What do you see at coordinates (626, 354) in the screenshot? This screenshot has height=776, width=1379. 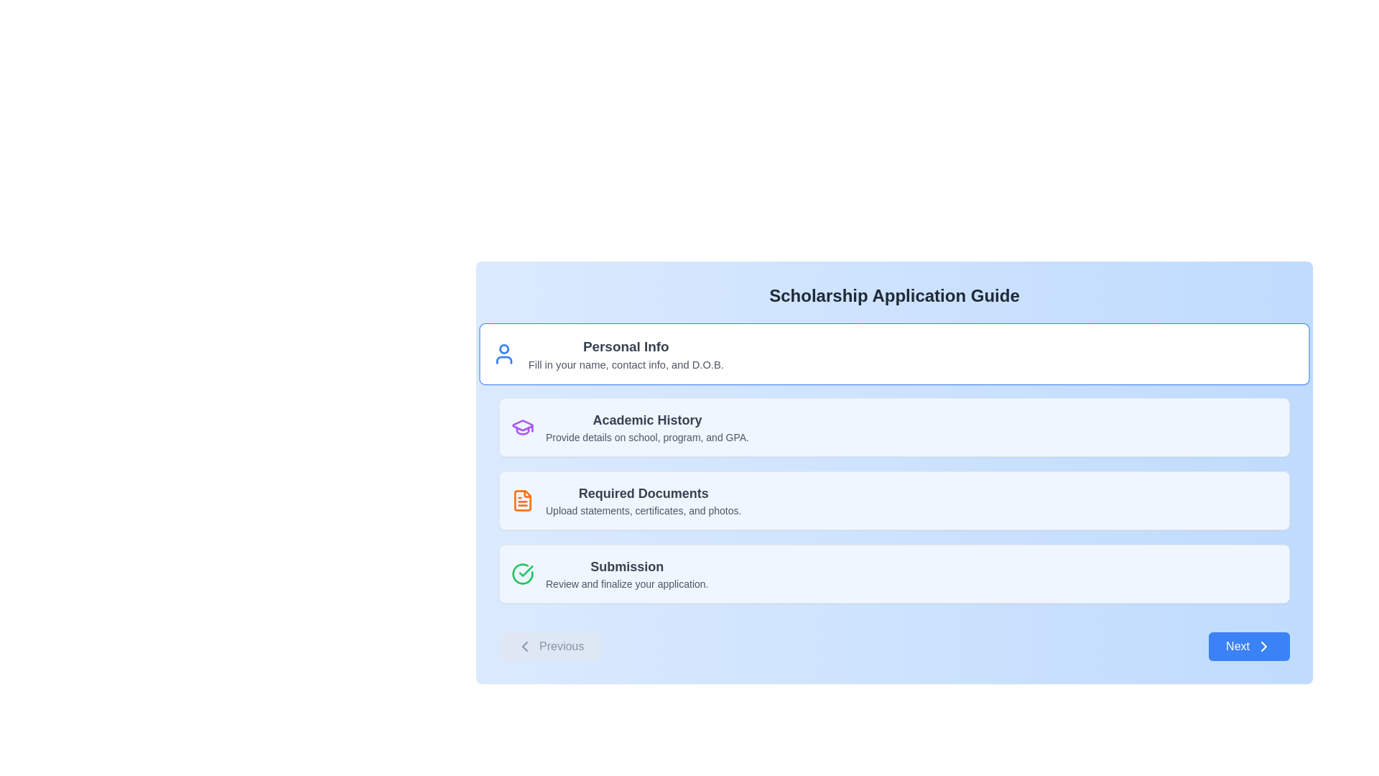 I see `the label that describes the first step of the application process, which provides instructions for users to input their personal information under the header 'Scholarship Application Guide.'` at bounding box center [626, 354].